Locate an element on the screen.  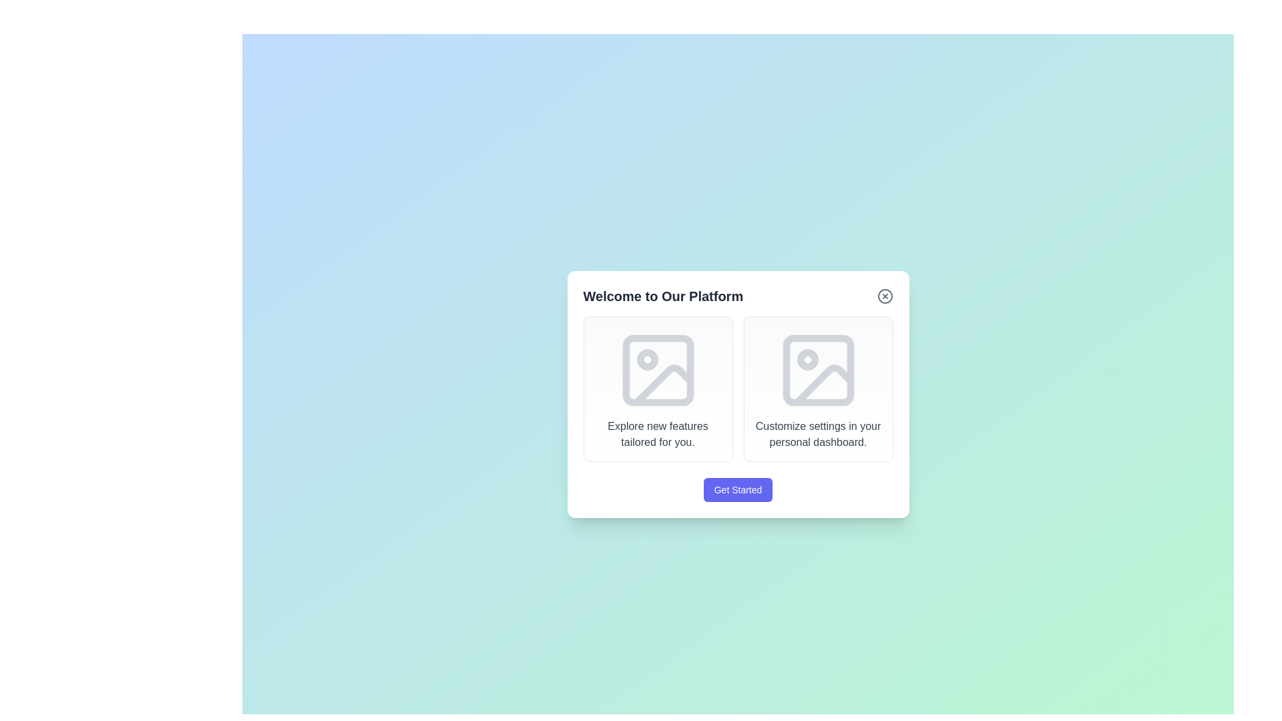
the close button to dismiss the dialog is located at coordinates (885, 295).